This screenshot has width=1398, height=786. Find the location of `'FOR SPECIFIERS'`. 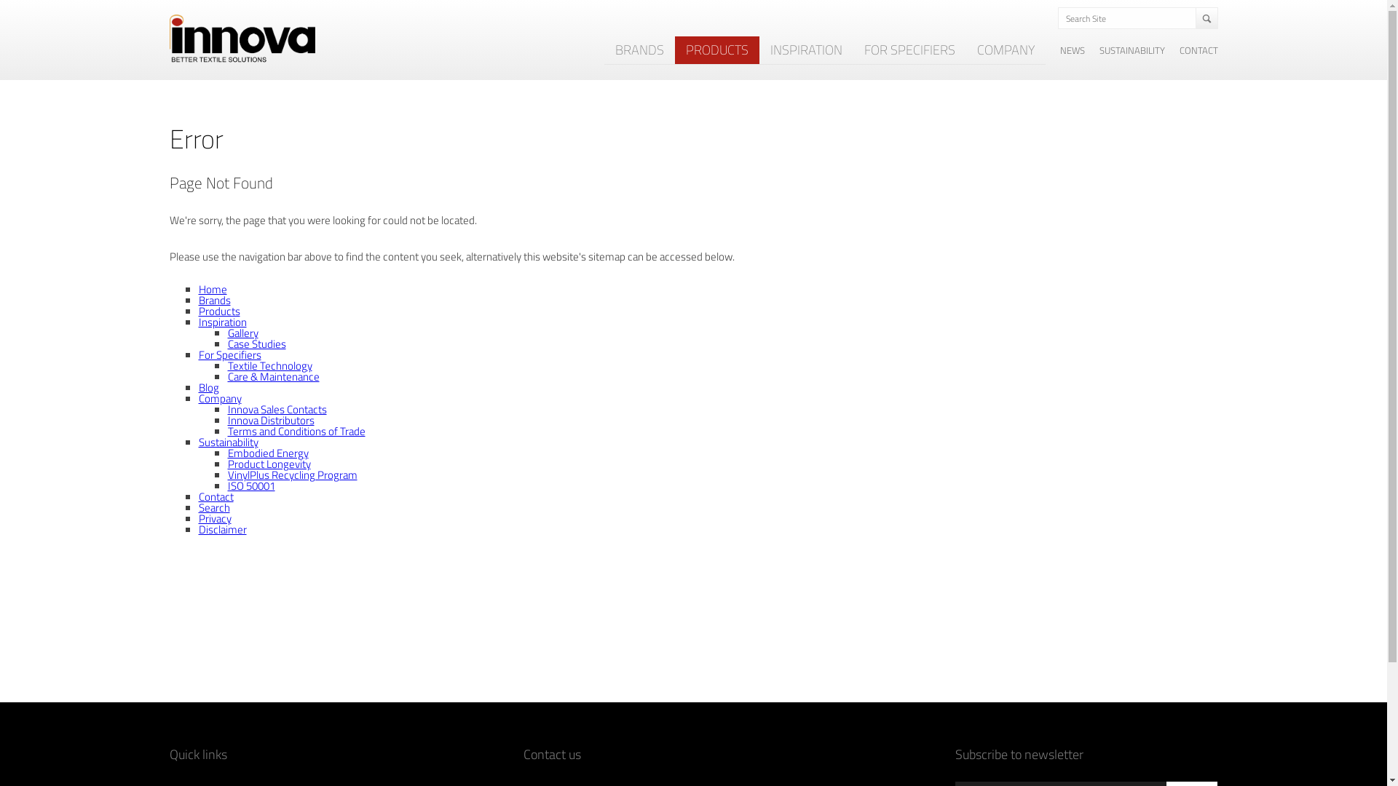

'FOR SPECIFIERS' is located at coordinates (909, 49).